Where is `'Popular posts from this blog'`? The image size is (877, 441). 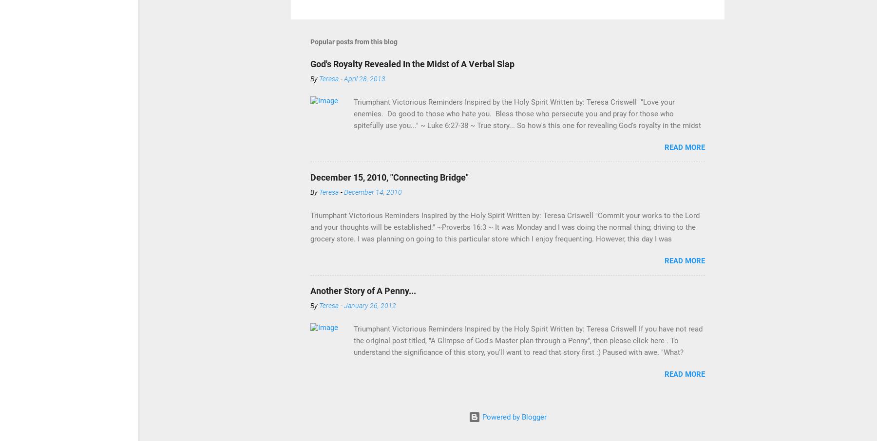
'Popular posts from this blog' is located at coordinates (353, 41).